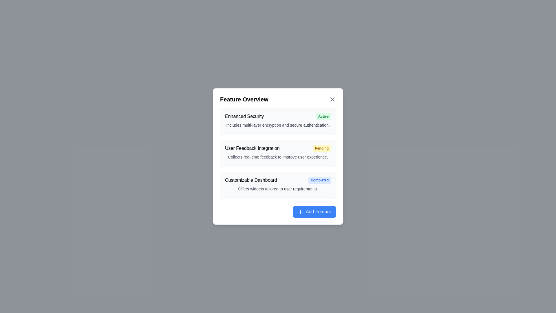 This screenshot has height=313, width=556. Describe the element at coordinates (278, 185) in the screenshot. I see `the non-interactive descriptive card displaying the status and description of the 'Customizable Dashboard' feature, located as the third block in the modal interface beneath 'User Feedback Integration - Pending' and 'Enhanced Security - Active.'` at that location.